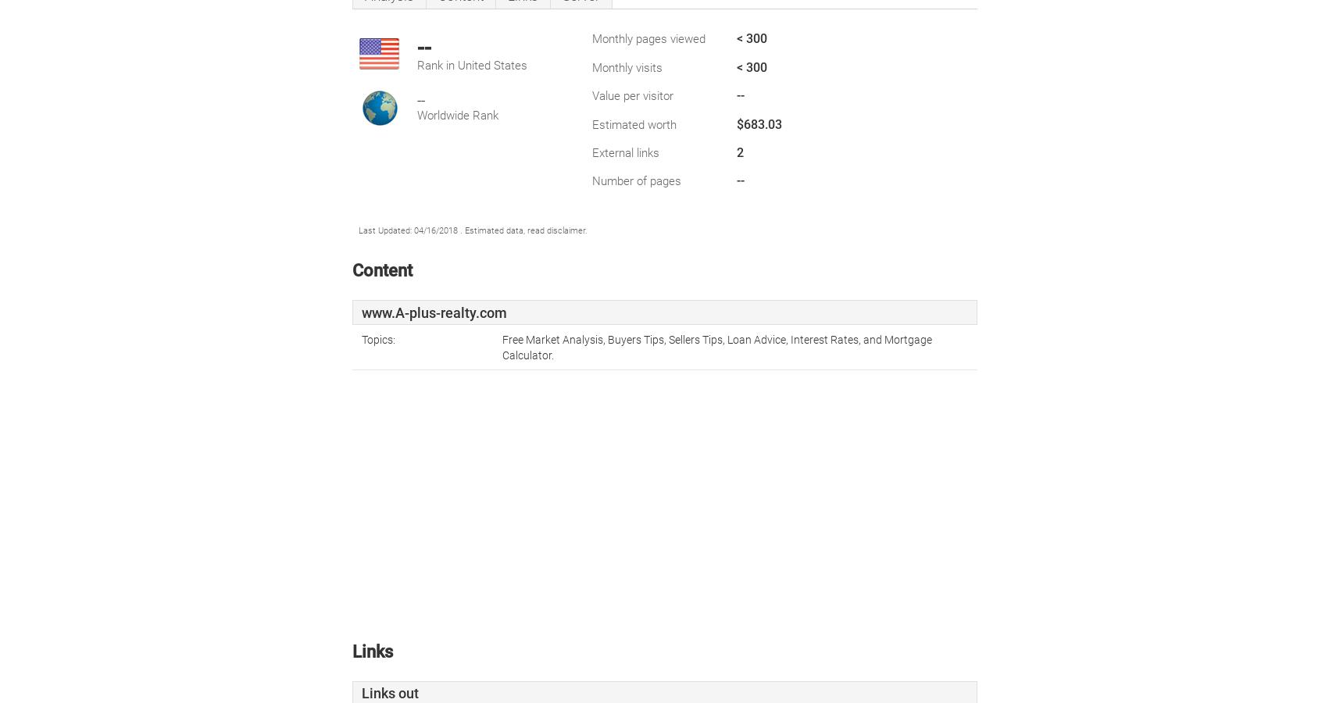  What do you see at coordinates (389, 693) in the screenshot?
I see `'Links out'` at bounding box center [389, 693].